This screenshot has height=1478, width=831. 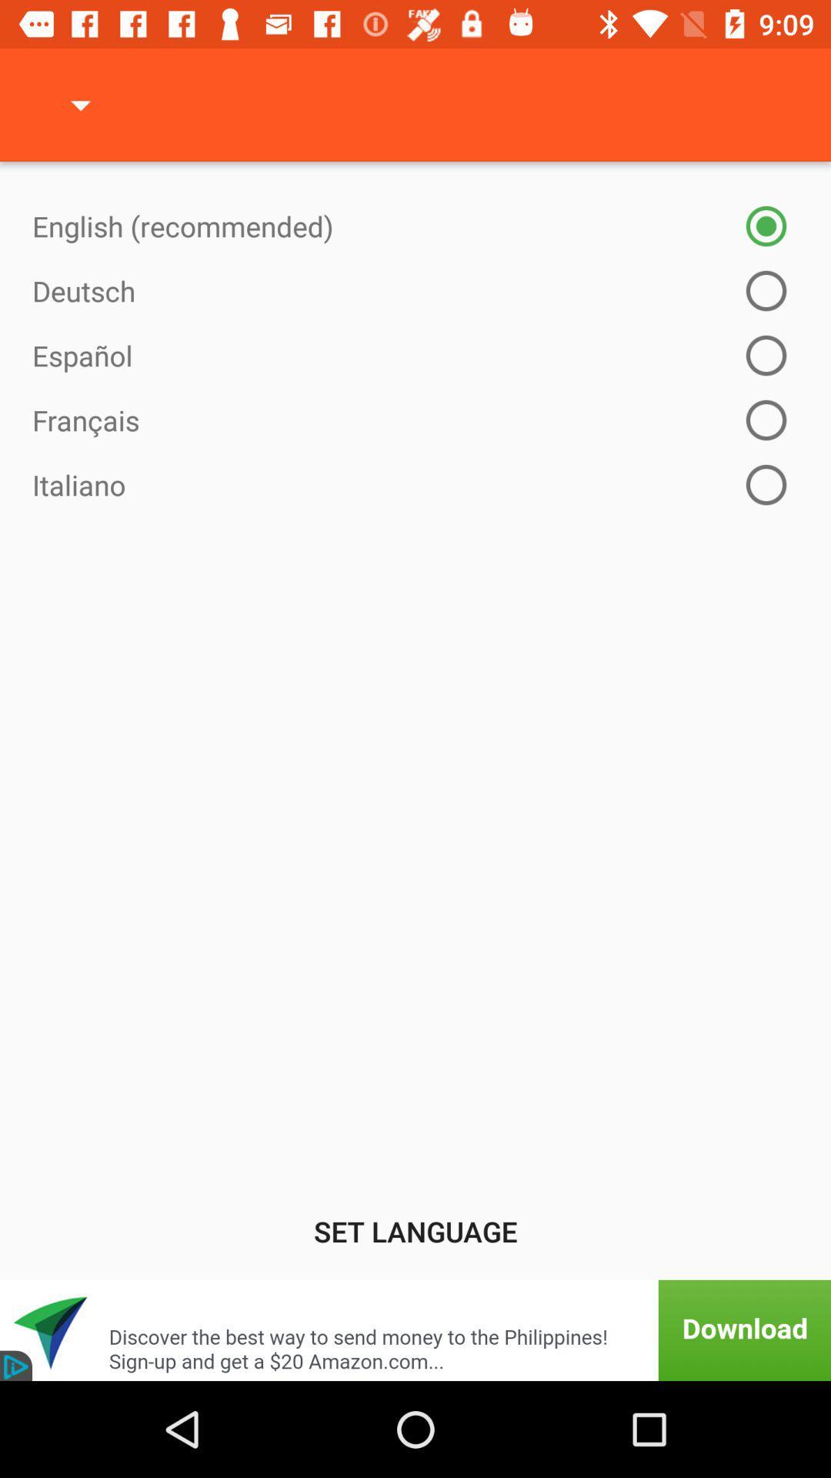 What do you see at coordinates (80, 104) in the screenshot?
I see `the icon above english (recommended)` at bounding box center [80, 104].